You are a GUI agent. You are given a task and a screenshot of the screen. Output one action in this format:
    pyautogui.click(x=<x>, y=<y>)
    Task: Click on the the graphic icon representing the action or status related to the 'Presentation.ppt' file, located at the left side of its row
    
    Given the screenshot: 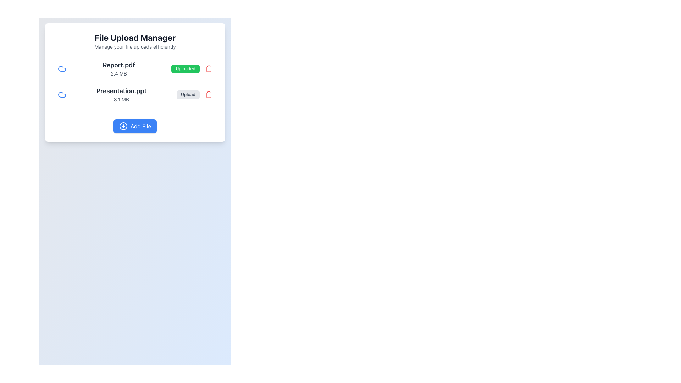 What is the action you would take?
    pyautogui.click(x=62, y=94)
    